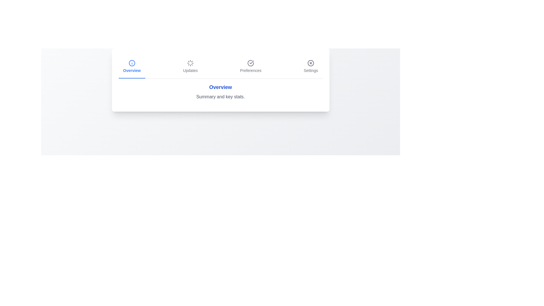 This screenshot has width=544, height=306. I want to click on the tab labeled Settings, so click(311, 66).